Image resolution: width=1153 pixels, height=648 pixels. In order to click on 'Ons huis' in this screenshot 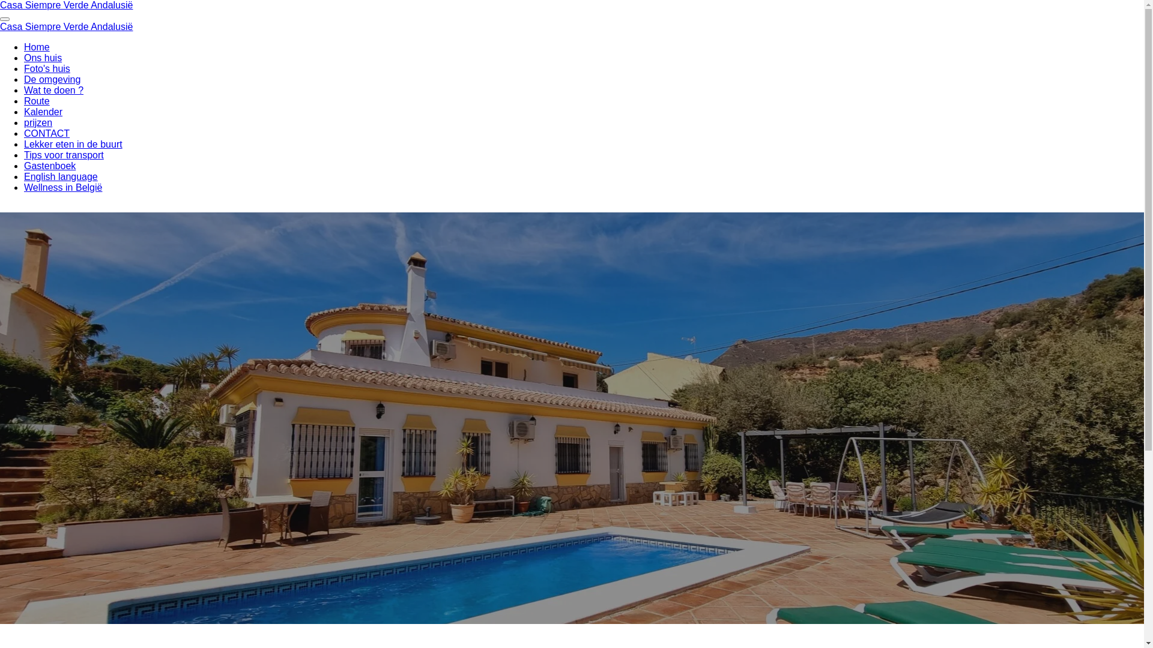, I will do `click(43, 58)`.